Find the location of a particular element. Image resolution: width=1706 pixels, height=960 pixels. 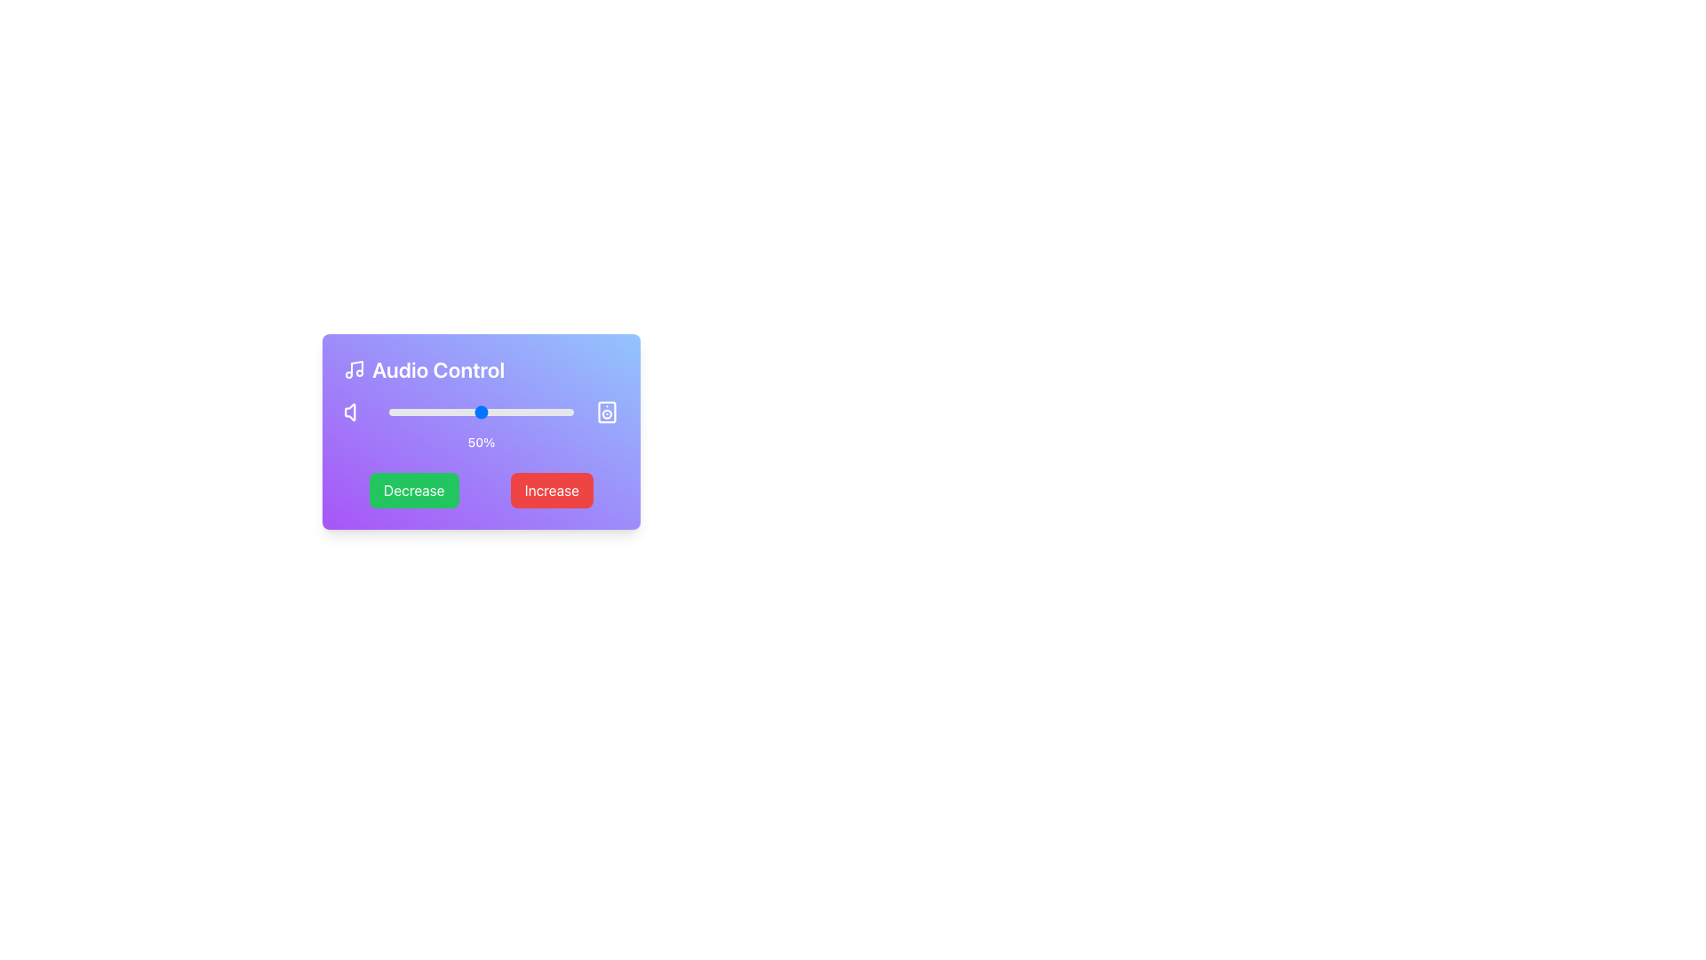

the slider is located at coordinates (412, 412).